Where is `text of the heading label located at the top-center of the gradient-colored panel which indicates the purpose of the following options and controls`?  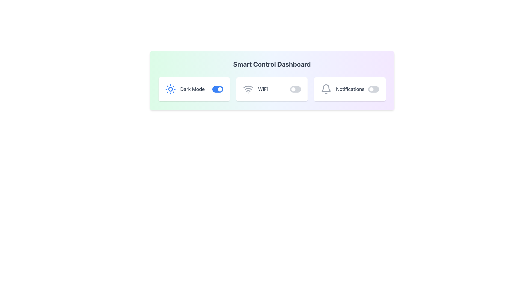
text of the heading label located at the top-center of the gradient-colored panel which indicates the purpose of the following options and controls is located at coordinates (272, 64).